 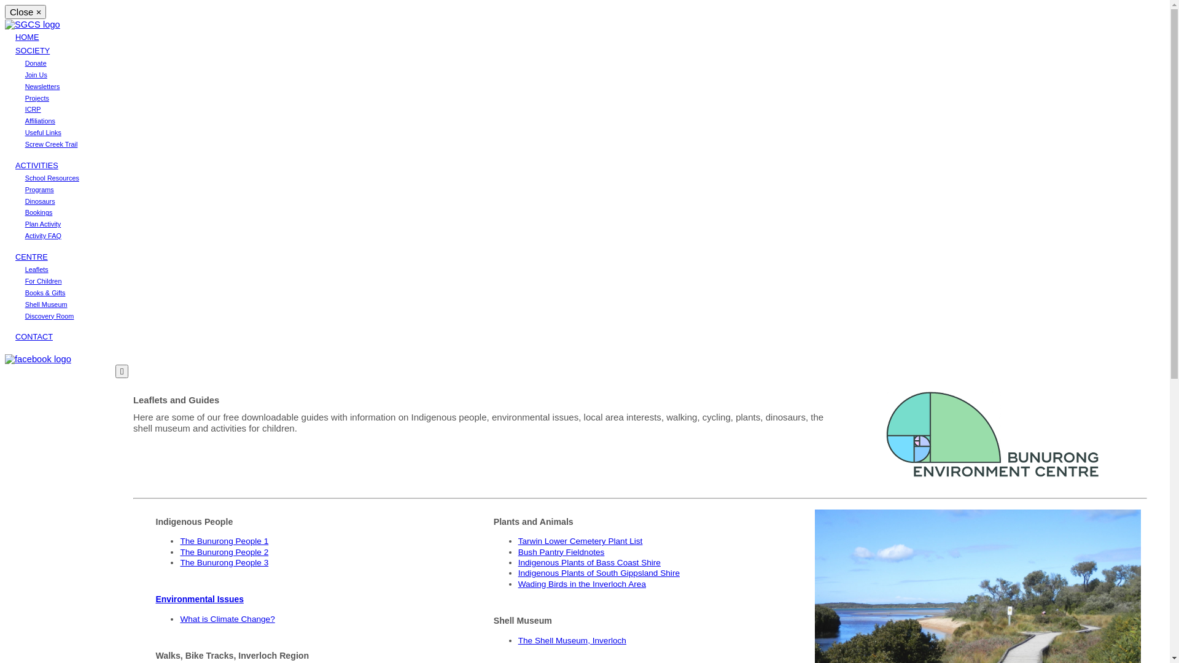 What do you see at coordinates (36, 165) in the screenshot?
I see `'ACTIVITIES'` at bounding box center [36, 165].